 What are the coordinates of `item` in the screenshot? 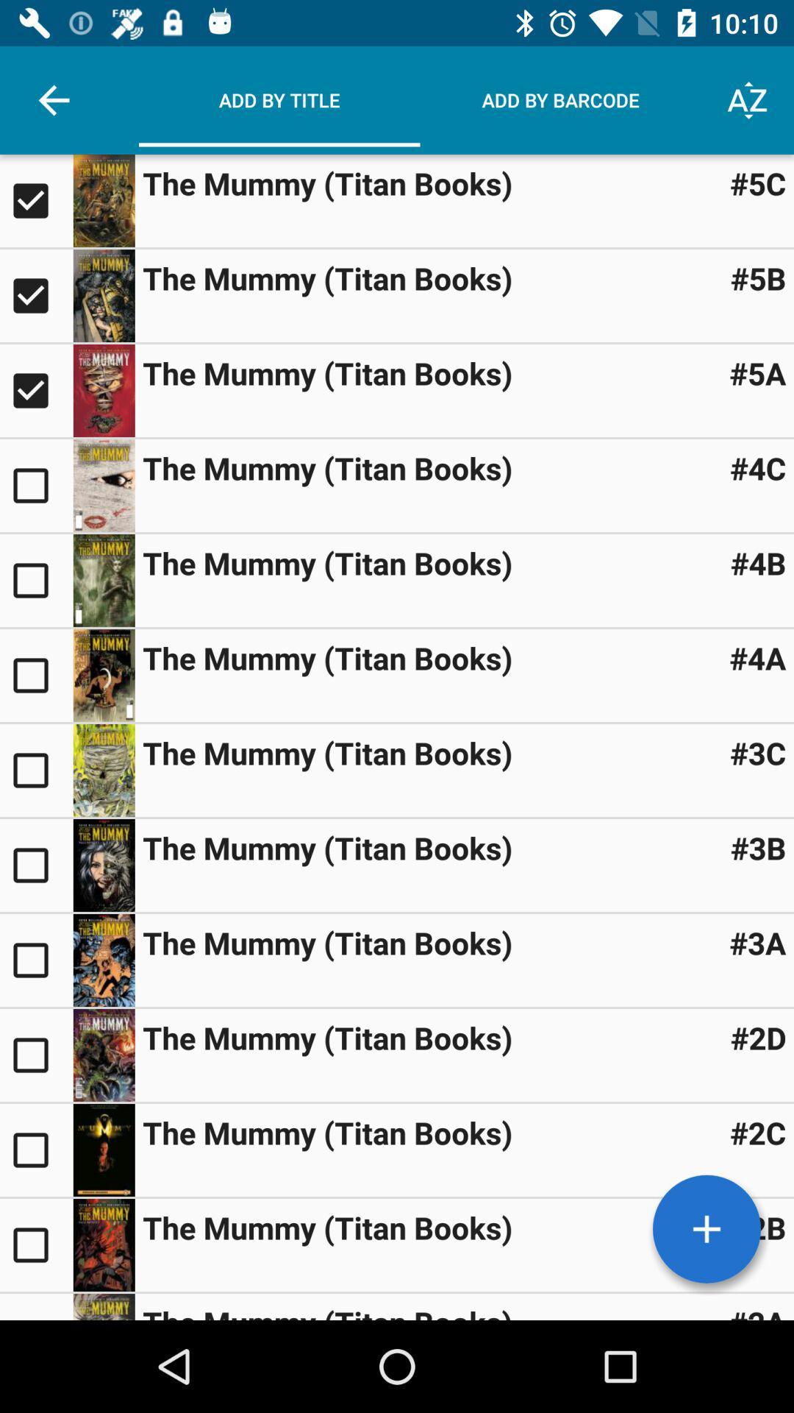 It's located at (103, 295).